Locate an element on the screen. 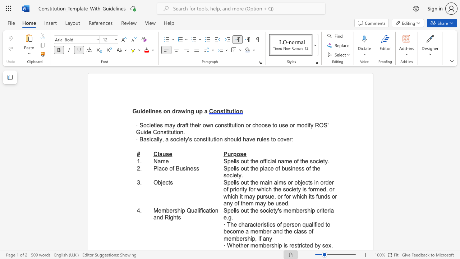  the subset text "hip," within the text "· The characteristics of person qualified to become a member and the class of membership, if any" is located at coordinates (247, 238).